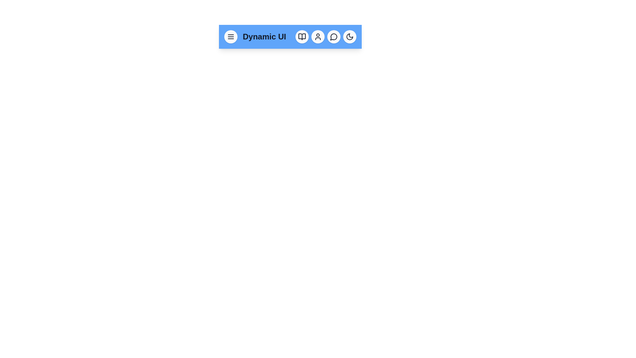 The image size is (636, 358). I want to click on the message icon to view messages, so click(334, 37).